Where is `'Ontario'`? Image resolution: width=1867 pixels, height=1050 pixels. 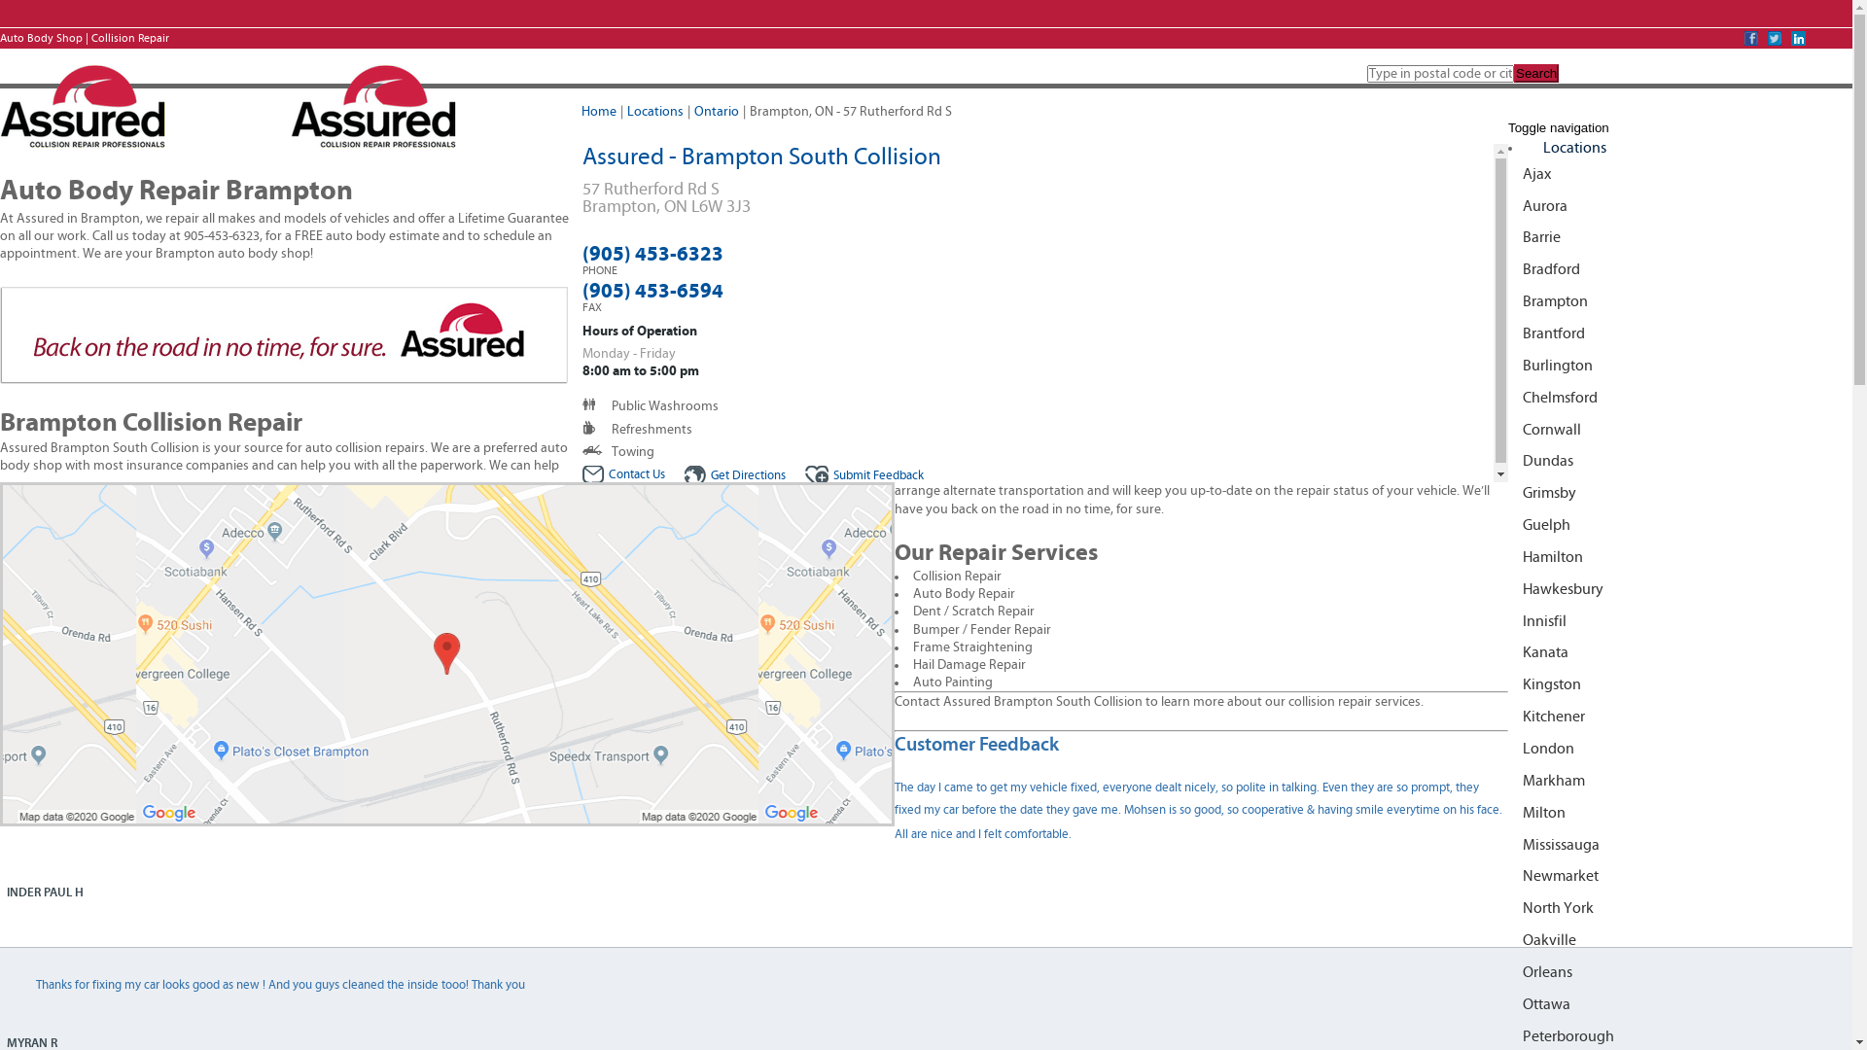 'Ontario' is located at coordinates (716, 112).